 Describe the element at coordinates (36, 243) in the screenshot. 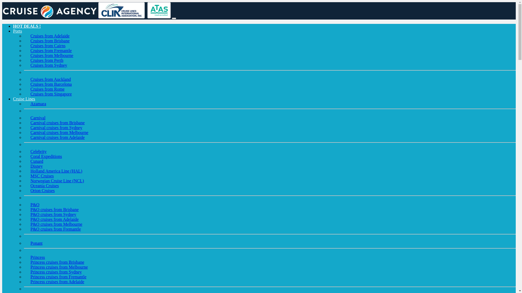

I see `'Ponant'` at that location.